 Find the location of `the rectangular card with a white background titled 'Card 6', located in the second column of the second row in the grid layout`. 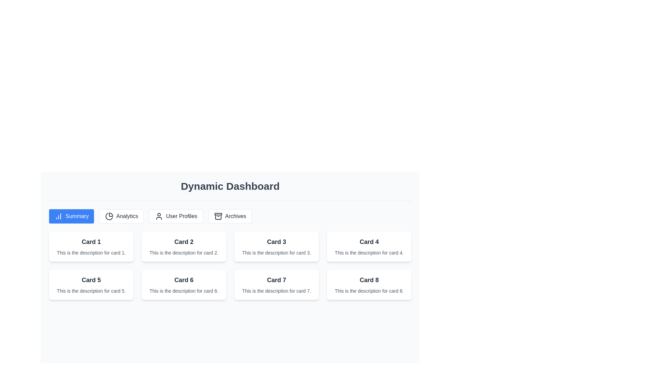

the rectangular card with a white background titled 'Card 6', located in the second column of the second row in the grid layout is located at coordinates (184, 285).